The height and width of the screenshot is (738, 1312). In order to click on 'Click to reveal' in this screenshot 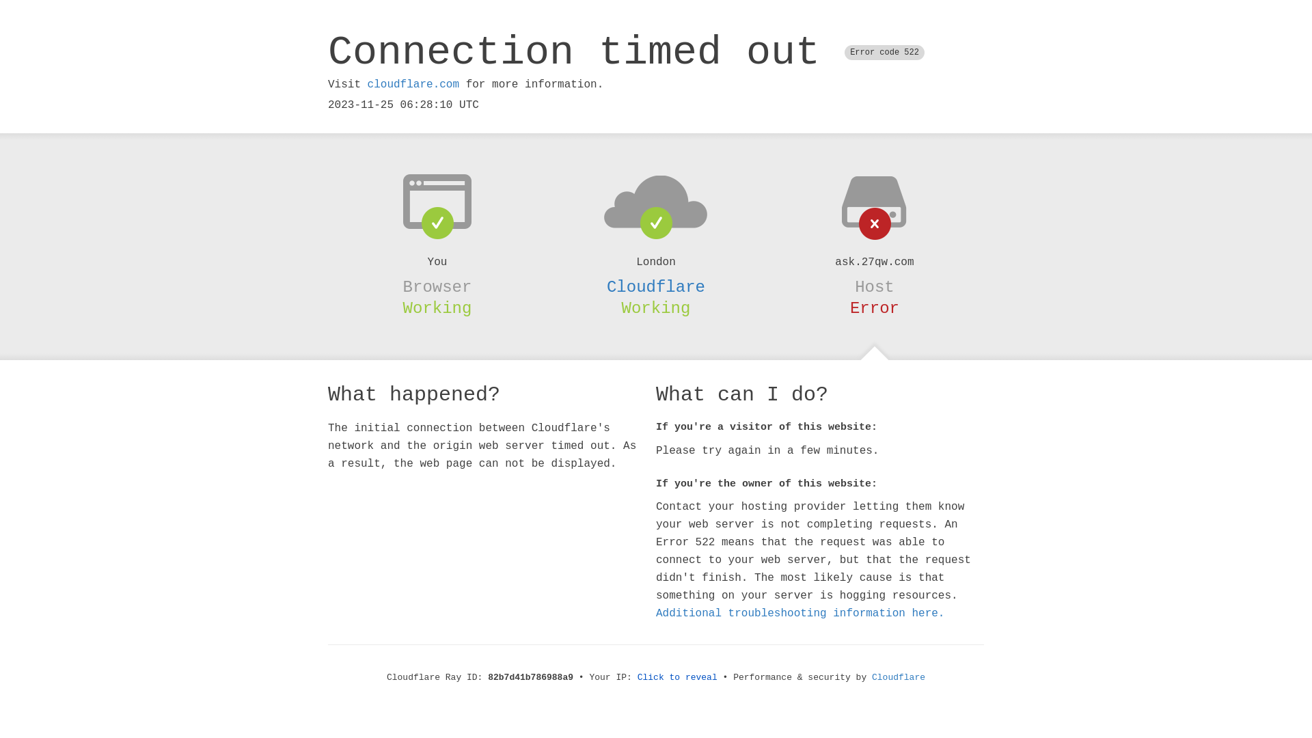, I will do `click(636, 677)`.